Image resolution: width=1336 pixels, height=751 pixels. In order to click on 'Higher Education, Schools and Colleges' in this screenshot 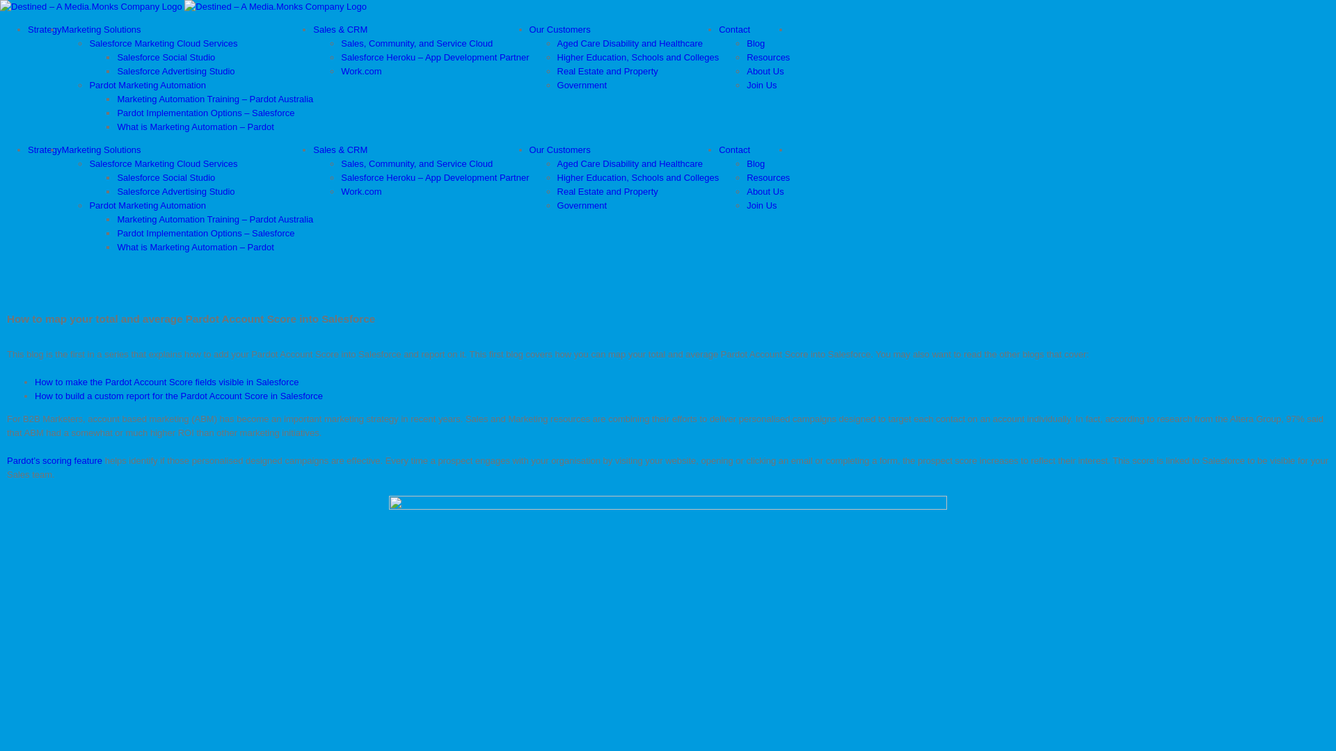, I will do `click(637, 177)`.